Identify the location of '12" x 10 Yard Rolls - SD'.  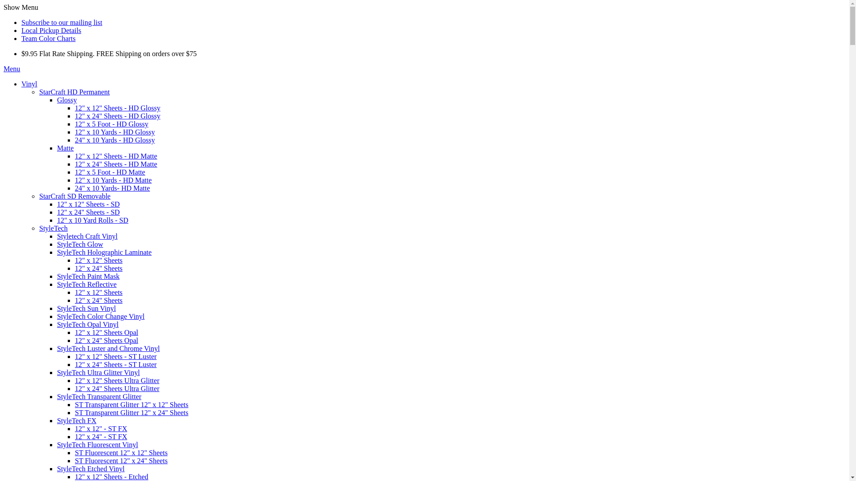
(92, 220).